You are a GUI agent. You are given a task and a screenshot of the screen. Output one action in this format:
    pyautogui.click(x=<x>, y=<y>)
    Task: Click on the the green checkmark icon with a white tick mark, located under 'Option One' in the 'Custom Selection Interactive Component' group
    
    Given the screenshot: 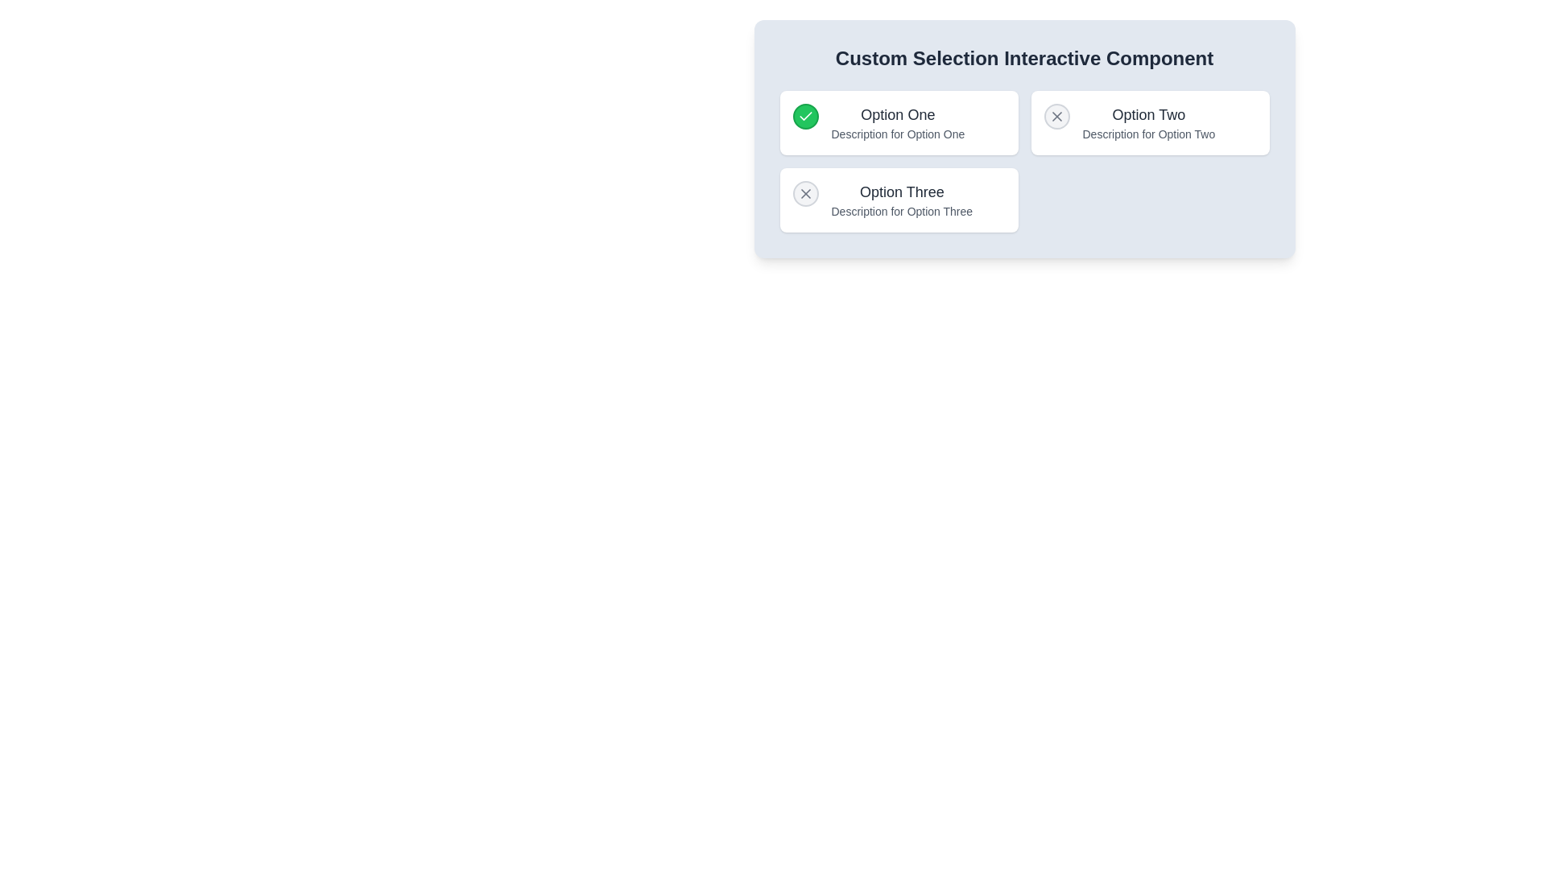 What is the action you would take?
    pyautogui.click(x=805, y=115)
    